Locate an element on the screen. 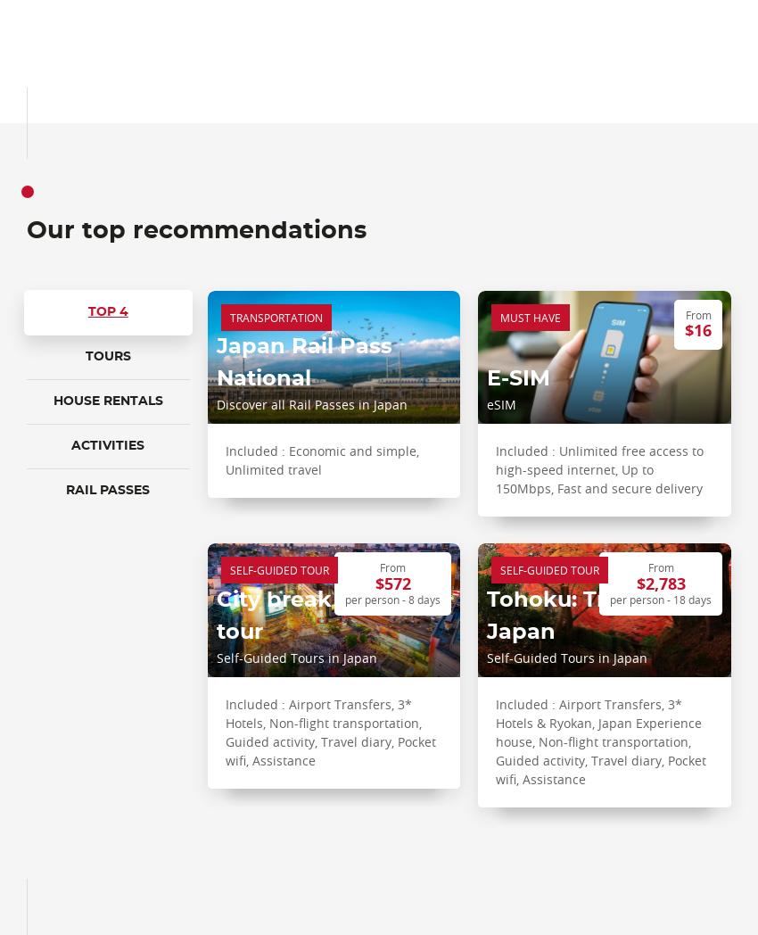 This screenshot has height=935, width=758. 'Activities' is located at coordinates (107, 446).